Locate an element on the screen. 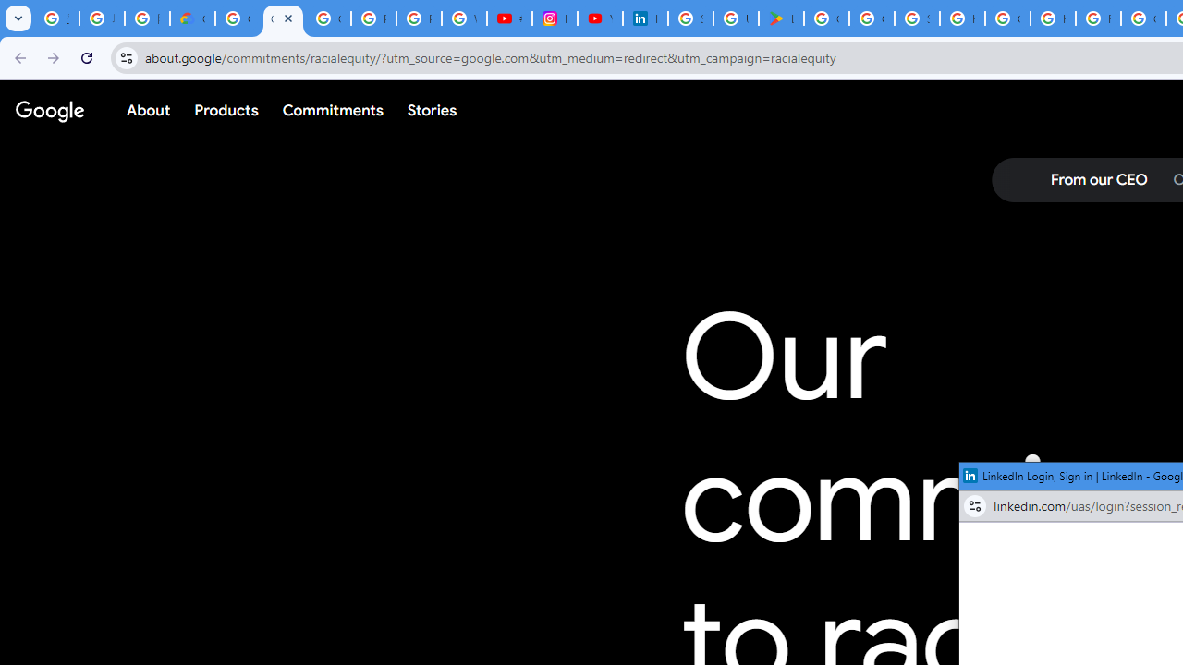 Image resolution: width=1183 pixels, height=665 pixels. 'Privacy Help Center - Policies Help' is located at coordinates (418, 18).